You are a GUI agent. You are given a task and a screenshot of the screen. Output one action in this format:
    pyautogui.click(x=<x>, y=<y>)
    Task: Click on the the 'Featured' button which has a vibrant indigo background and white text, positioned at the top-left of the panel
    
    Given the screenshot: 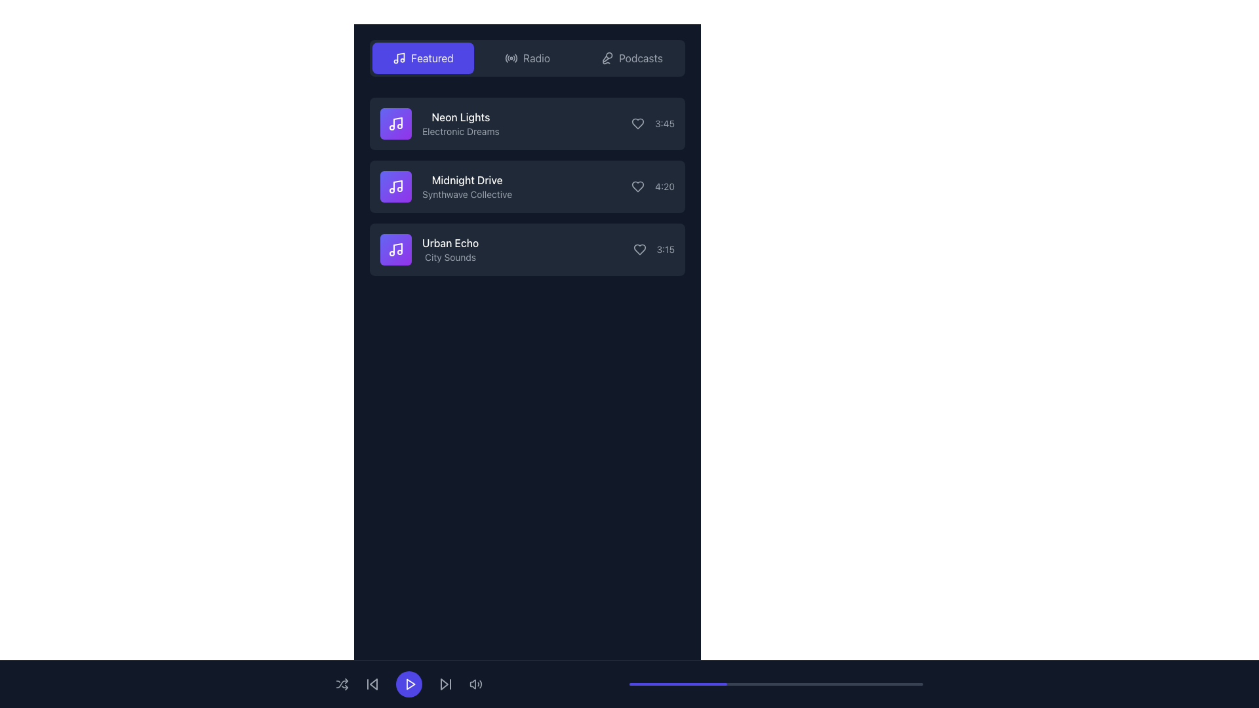 What is the action you would take?
    pyautogui.click(x=423, y=57)
    